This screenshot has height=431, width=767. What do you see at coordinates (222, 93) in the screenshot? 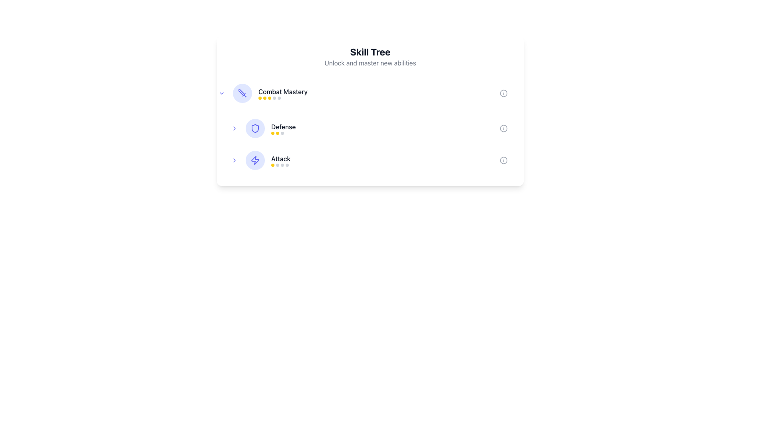
I see `the Toggle button for 'Combat Mastery', which is the first visual component in that section` at bounding box center [222, 93].